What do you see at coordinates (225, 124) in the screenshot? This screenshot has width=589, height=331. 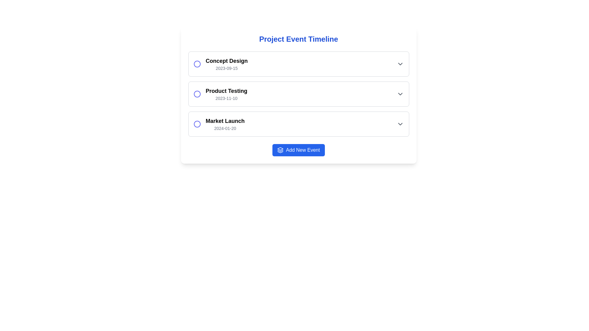 I see `text label displaying 'Market Launch' and '2024-01-20', which is the third entry in a vertical list, for information` at bounding box center [225, 124].